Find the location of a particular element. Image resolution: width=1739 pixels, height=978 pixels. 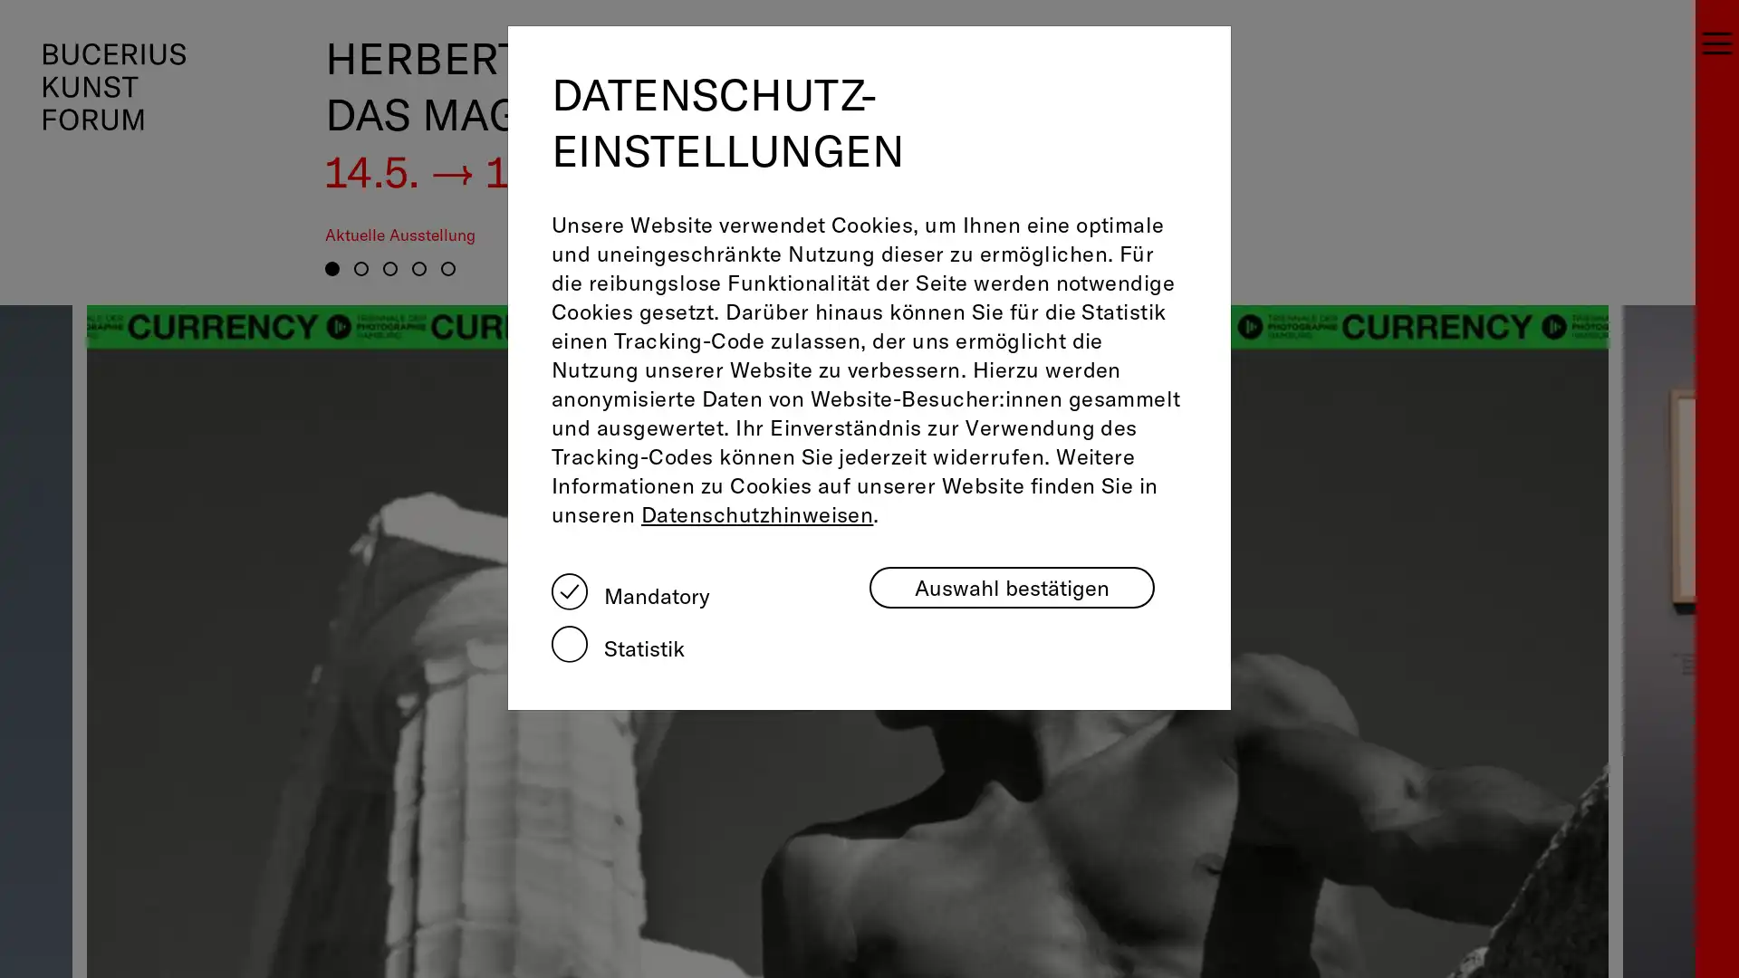

Auswahl bestatigen is located at coordinates (1011, 587).